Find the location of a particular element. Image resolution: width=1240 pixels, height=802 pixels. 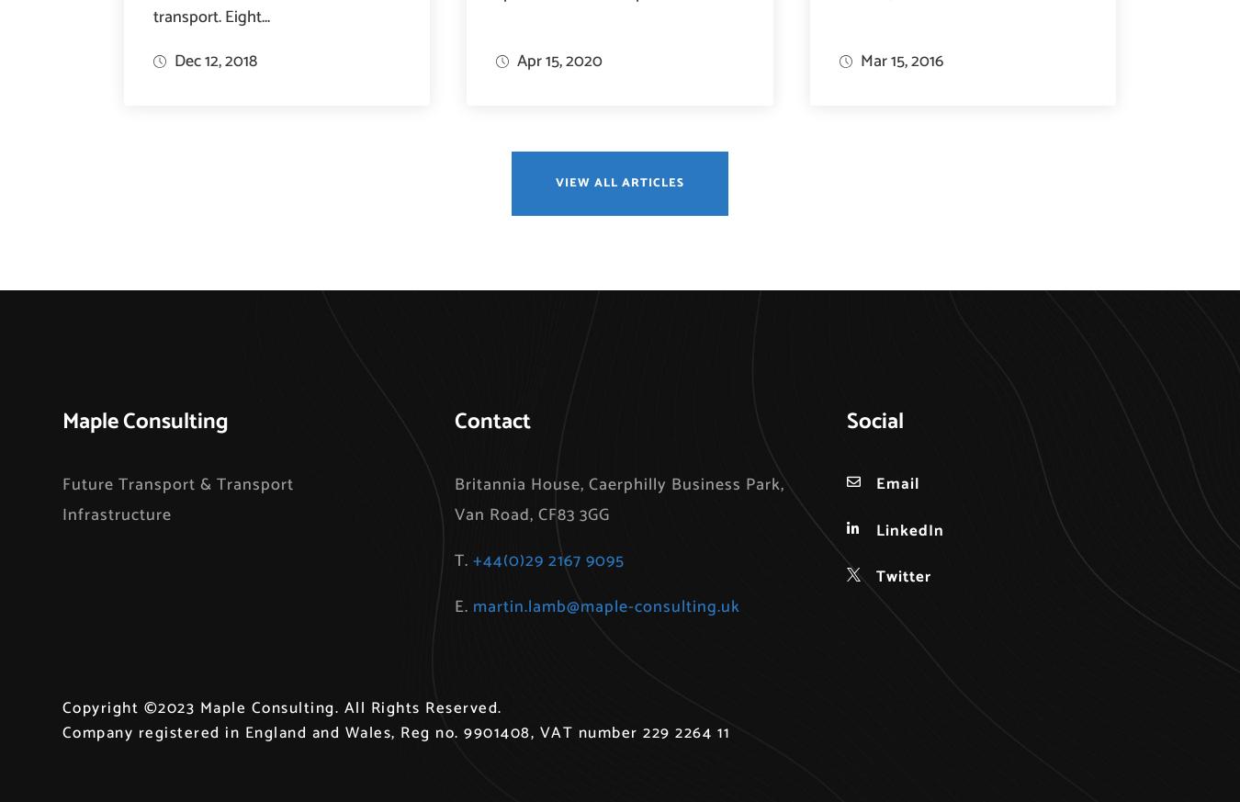

'Email' is located at coordinates (875, 483).